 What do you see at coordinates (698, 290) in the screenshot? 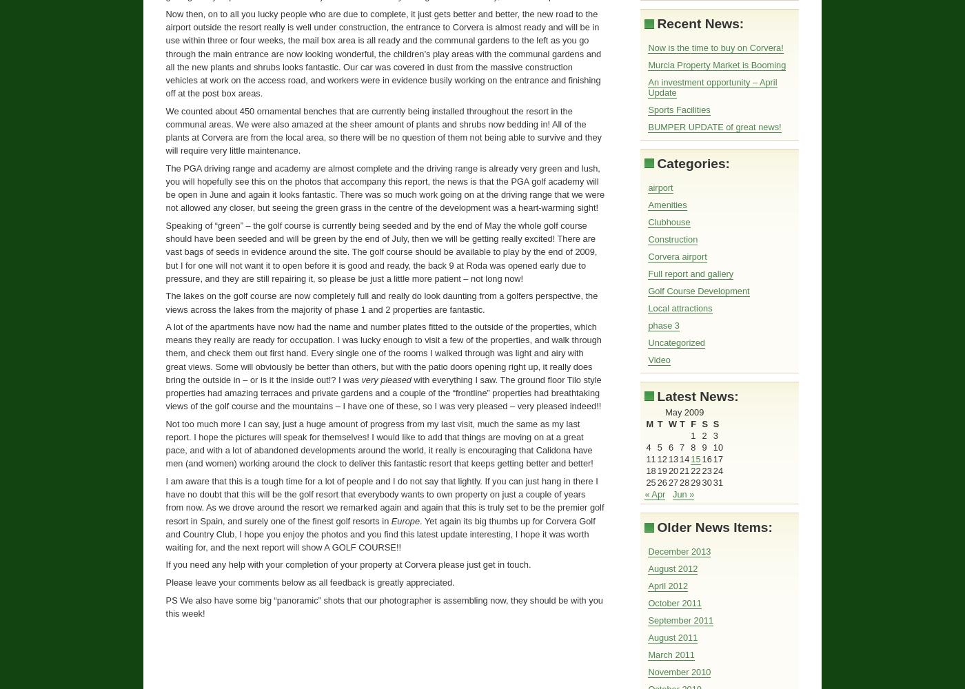
I see `'Golf Course Development'` at bounding box center [698, 290].